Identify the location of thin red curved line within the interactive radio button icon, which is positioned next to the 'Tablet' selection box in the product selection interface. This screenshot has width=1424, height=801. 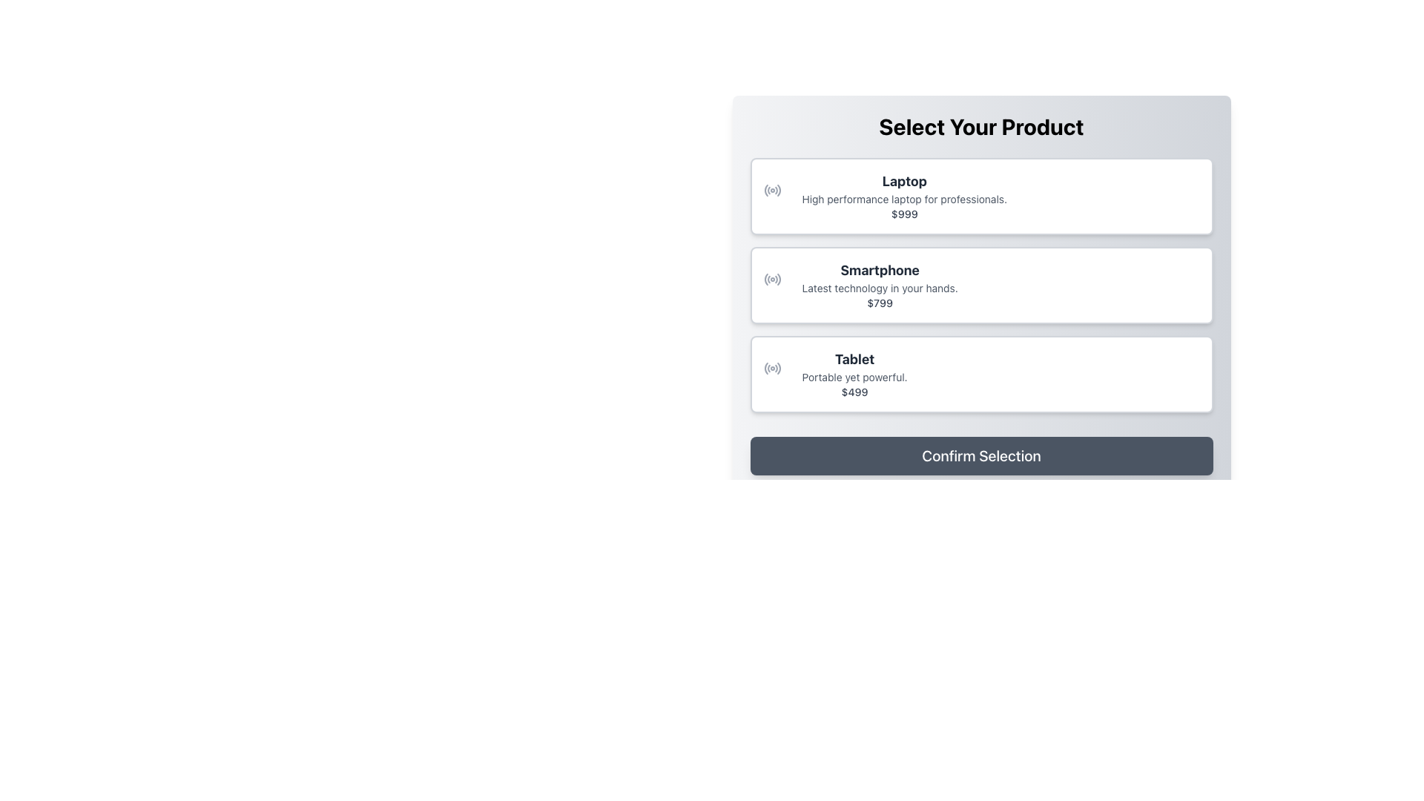
(778, 367).